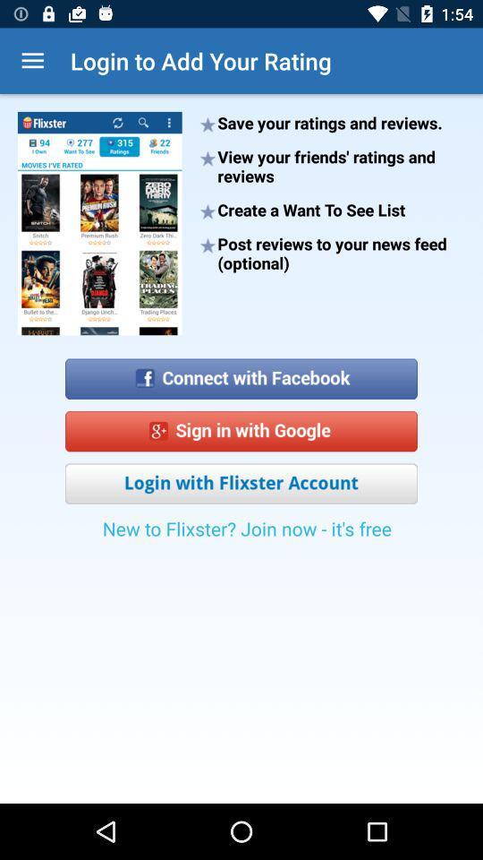  Describe the element at coordinates (241, 483) in the screenshot. I see `login with flixter account` at that location.